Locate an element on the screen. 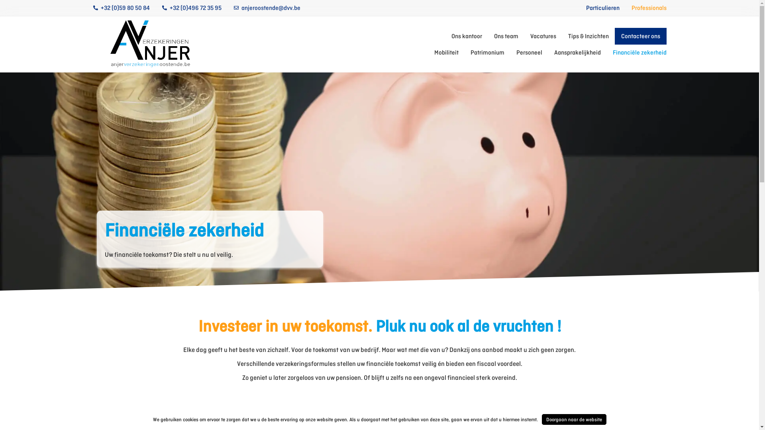  'Patrimonium' is located at coordinates (470, 52).